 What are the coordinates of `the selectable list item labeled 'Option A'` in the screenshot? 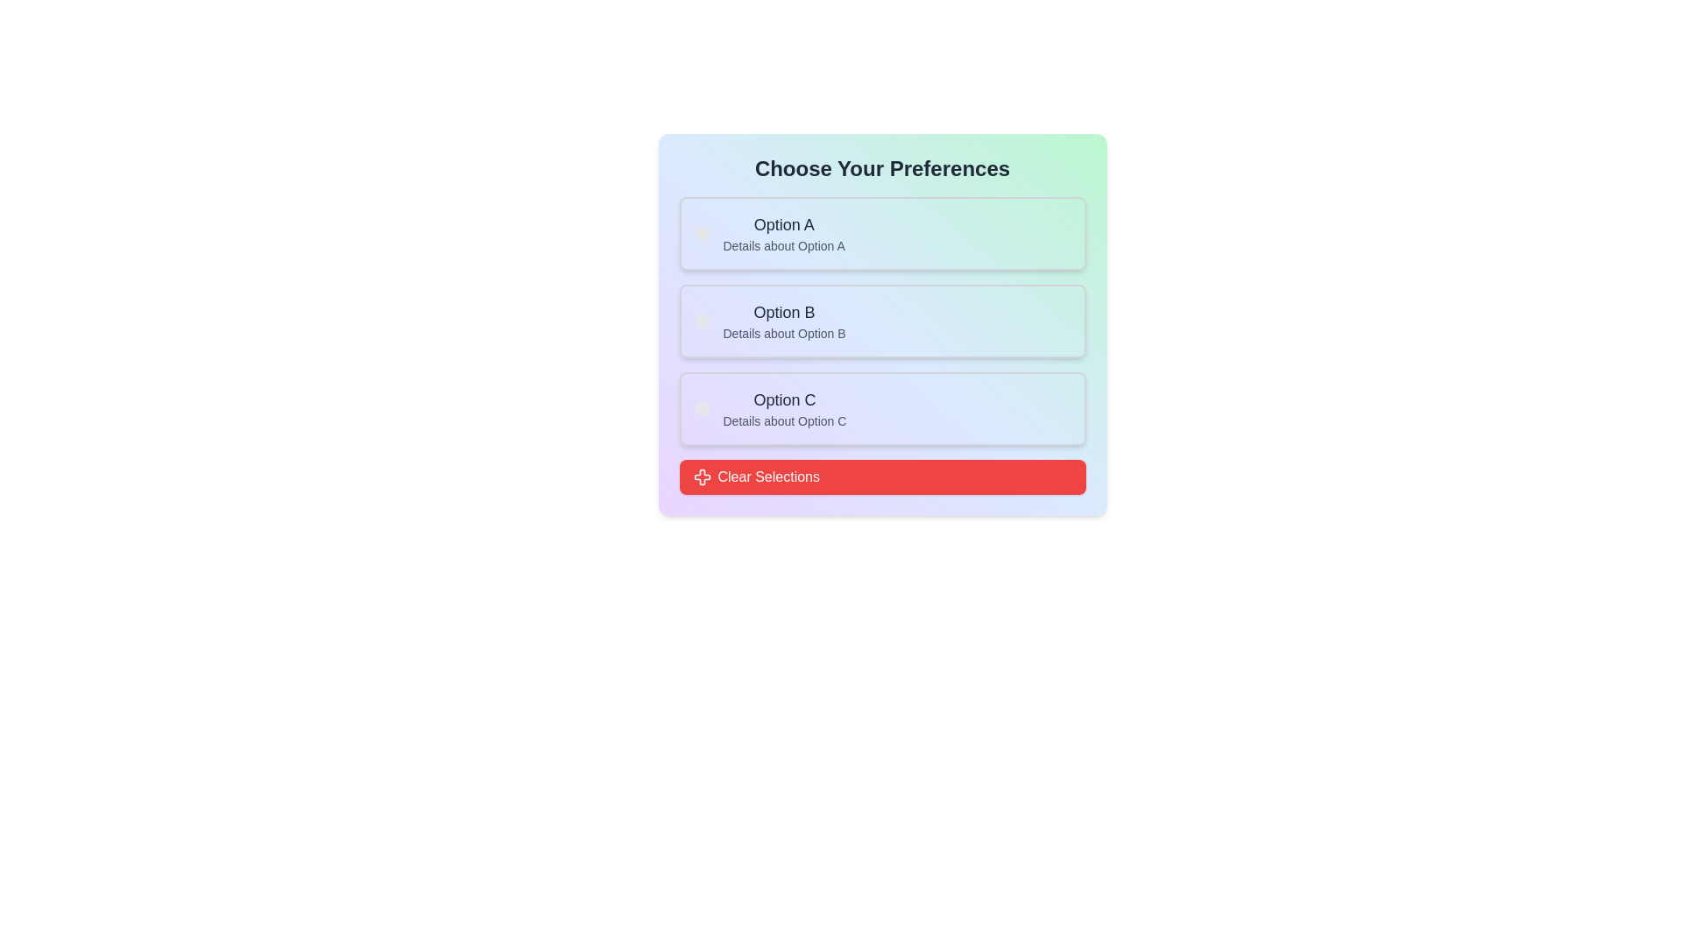 It's located at (882, 232).